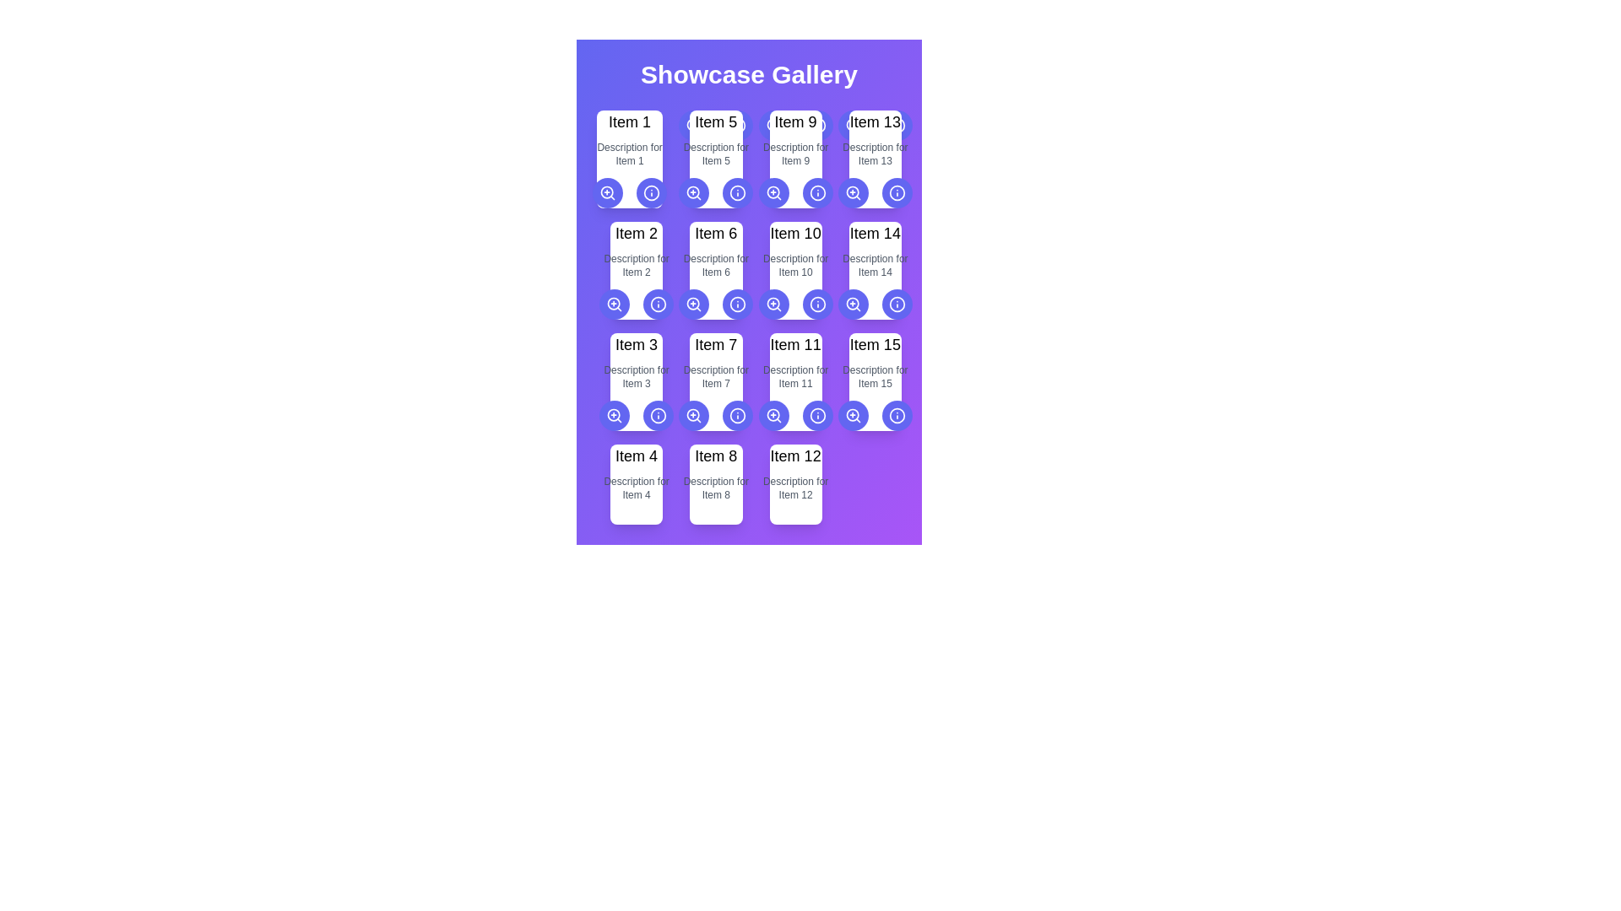 Image resolution: width=1621 pixels, height=911 pixels. What do you see at coordinates (614, 305) in the screenshot?
I see `the circular button with a magnifying glass icon, which has a blue background and is positioned under the second item in the top row of the second column in a grid layout` at bounding box center [614, 305].